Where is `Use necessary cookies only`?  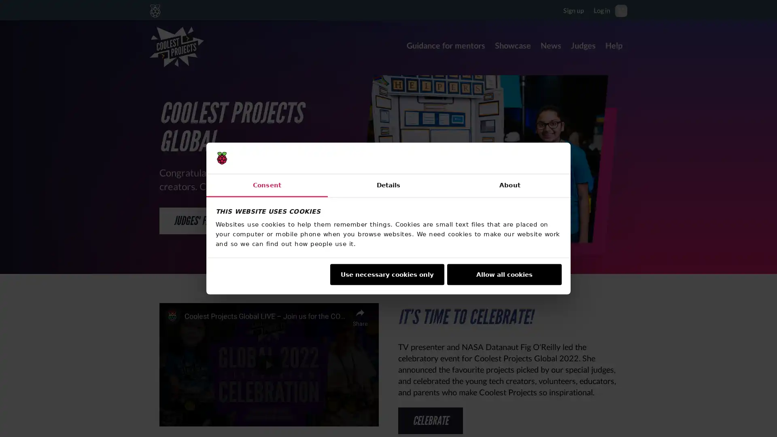 Use necessary cookies only is located at coordinates (386, 274).